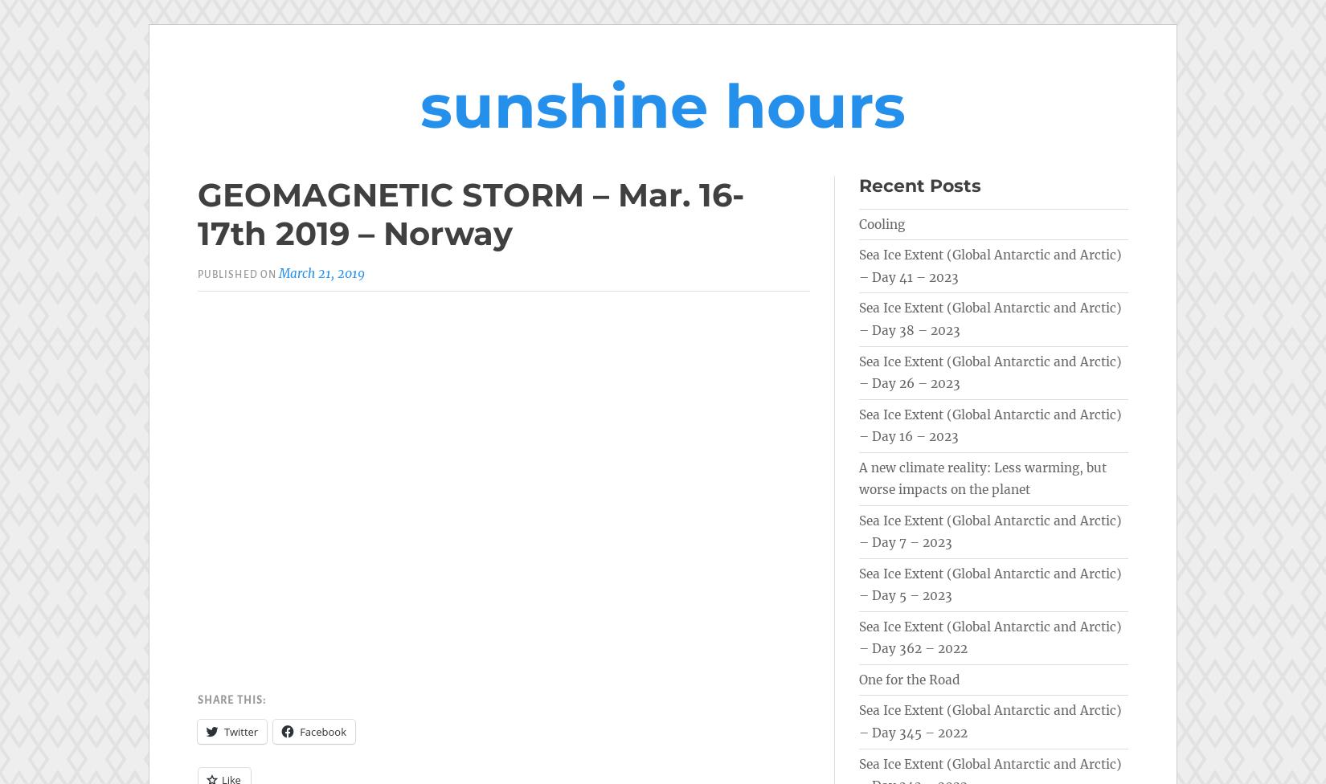 The image size is (1326, 784). Describe the element at coordinates (322, 730) in the screenshot. I see `'Facebook'` at that location.